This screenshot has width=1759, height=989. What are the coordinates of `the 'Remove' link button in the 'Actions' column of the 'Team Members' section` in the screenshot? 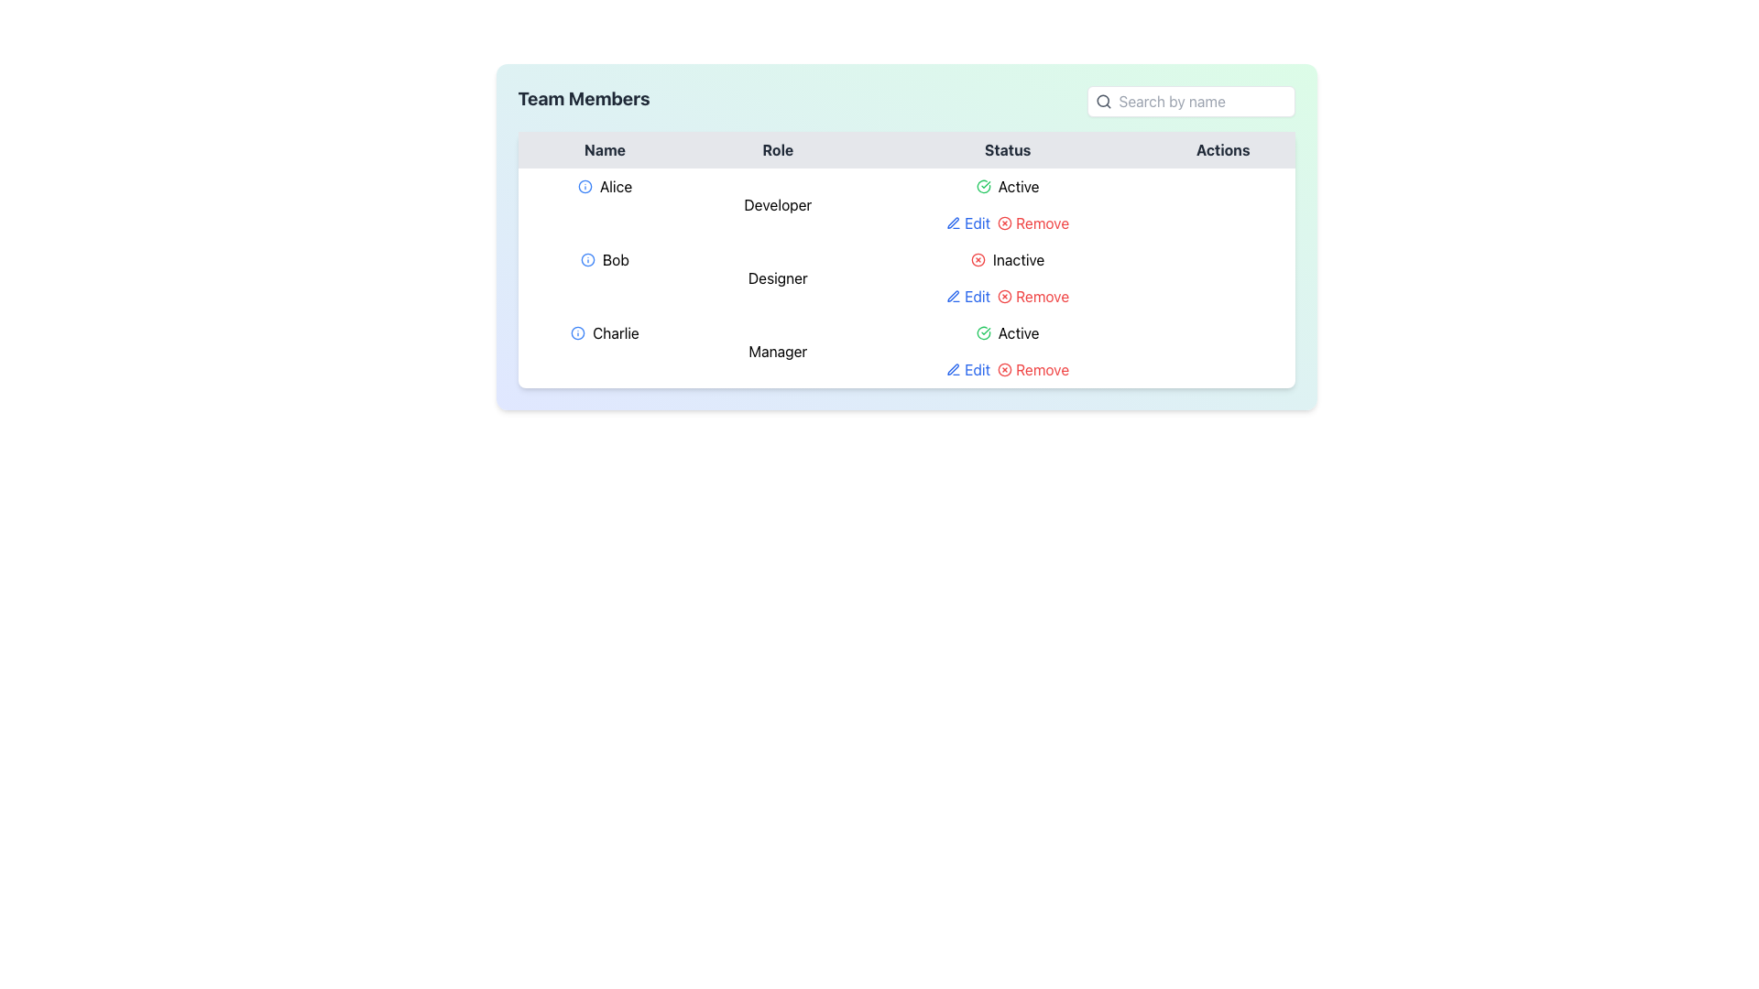 It's located at (1033, 222).